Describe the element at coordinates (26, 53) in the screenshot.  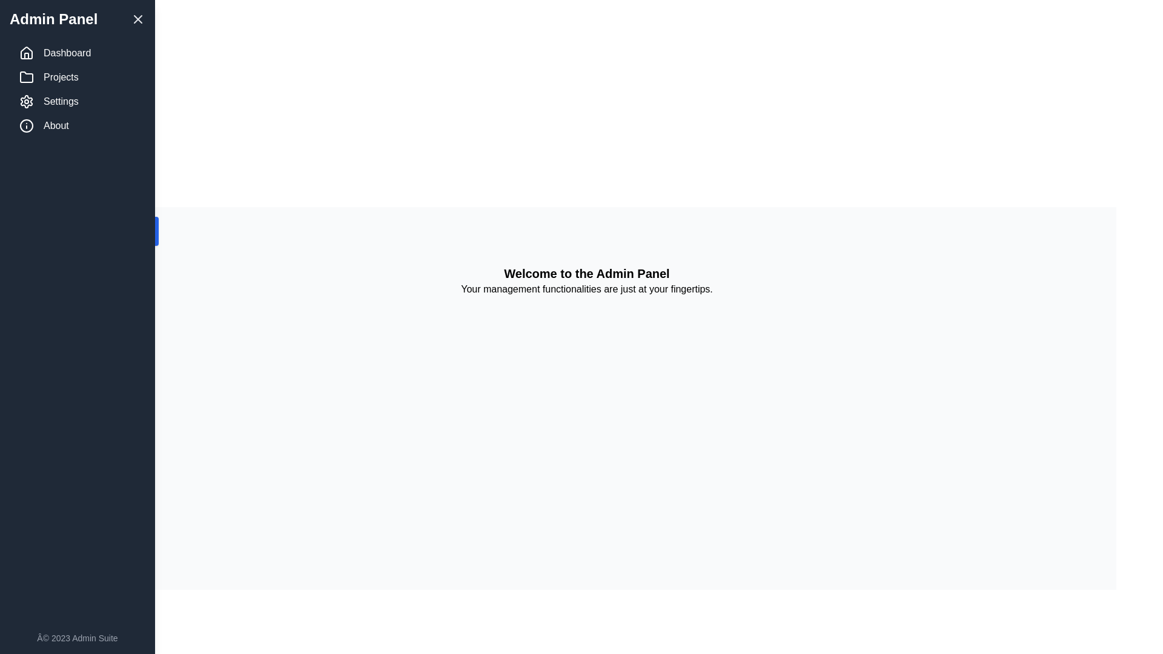
I see `the 'Dashboard' menu item icon located in the left navigation panel` at that location.